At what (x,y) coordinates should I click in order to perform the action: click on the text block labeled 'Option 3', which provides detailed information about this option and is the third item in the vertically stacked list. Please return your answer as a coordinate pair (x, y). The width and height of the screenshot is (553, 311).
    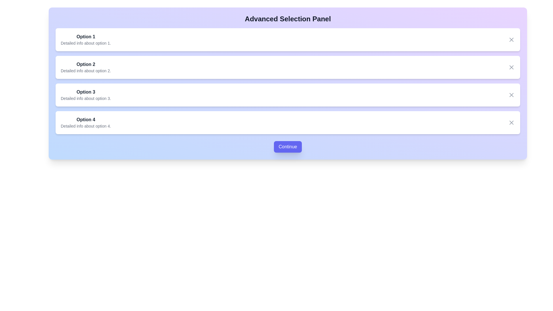
    Looking at the image, I should click on (86, 95).